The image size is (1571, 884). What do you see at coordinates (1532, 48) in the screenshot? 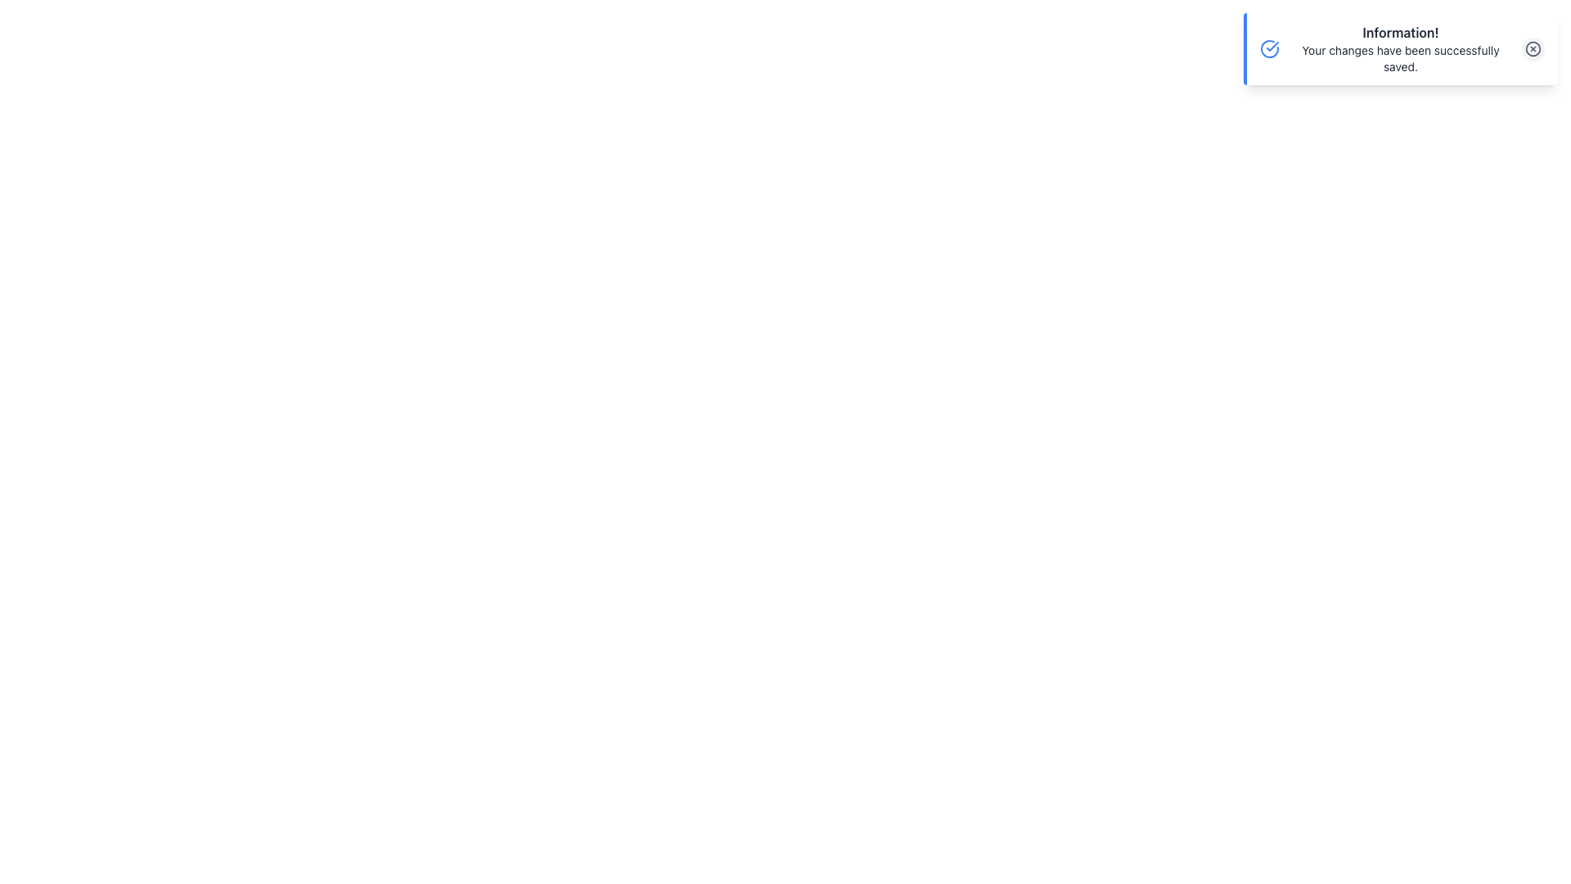
I see `the SVG circle located in the upper right corner of the notification banner that reads 'Information! Your changes have been successfully saved.'` at bounding box center [1532, 48].